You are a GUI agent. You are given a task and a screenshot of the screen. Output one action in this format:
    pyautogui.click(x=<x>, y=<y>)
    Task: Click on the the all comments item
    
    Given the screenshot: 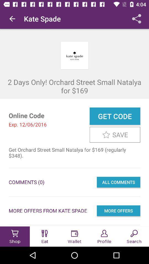 What is the action you would take?
    pyautogui.click(x=118, y=182)
    